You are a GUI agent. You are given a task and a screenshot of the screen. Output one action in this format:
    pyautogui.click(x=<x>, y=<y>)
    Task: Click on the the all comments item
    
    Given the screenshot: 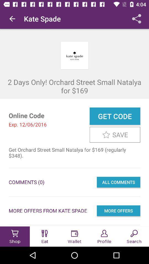 What is the action you would take?
    pyautogui.click(x=118, y=182)
    